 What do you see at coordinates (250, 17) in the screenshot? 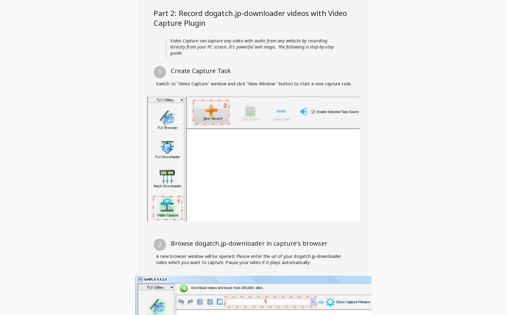
I see `'videos with Video Capture Plugin'` at bounding box center [250, 17].